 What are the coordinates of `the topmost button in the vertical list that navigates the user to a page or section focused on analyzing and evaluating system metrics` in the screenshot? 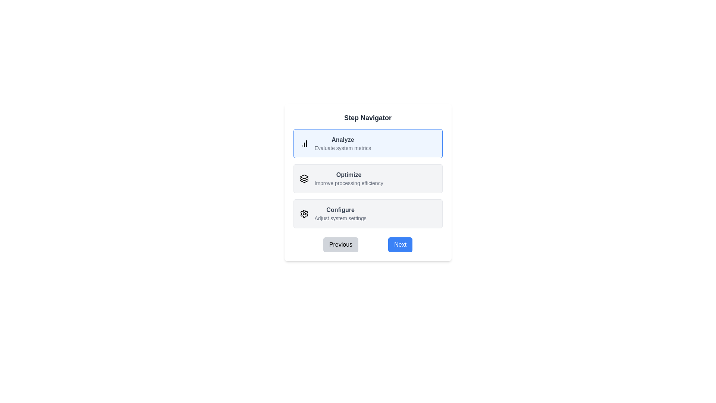 It's located at (368, 144).